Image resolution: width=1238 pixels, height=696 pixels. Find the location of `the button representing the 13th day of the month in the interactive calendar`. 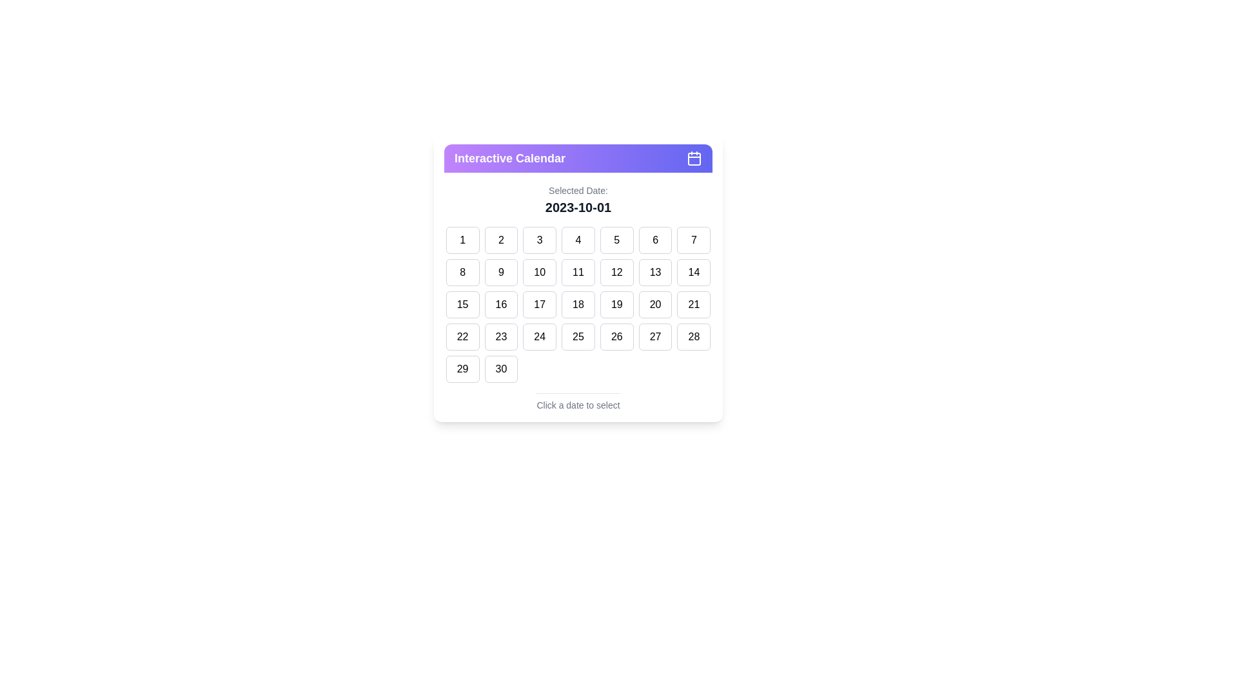

the button representing the 13th day of the month in the interactive calendar is located at coordinates (655, 272).